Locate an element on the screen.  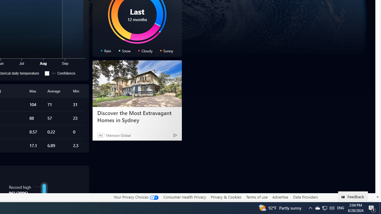
'Class: feedback_link_icon-DS-EntryPoint1-1' is located at coordinates (344, 197).